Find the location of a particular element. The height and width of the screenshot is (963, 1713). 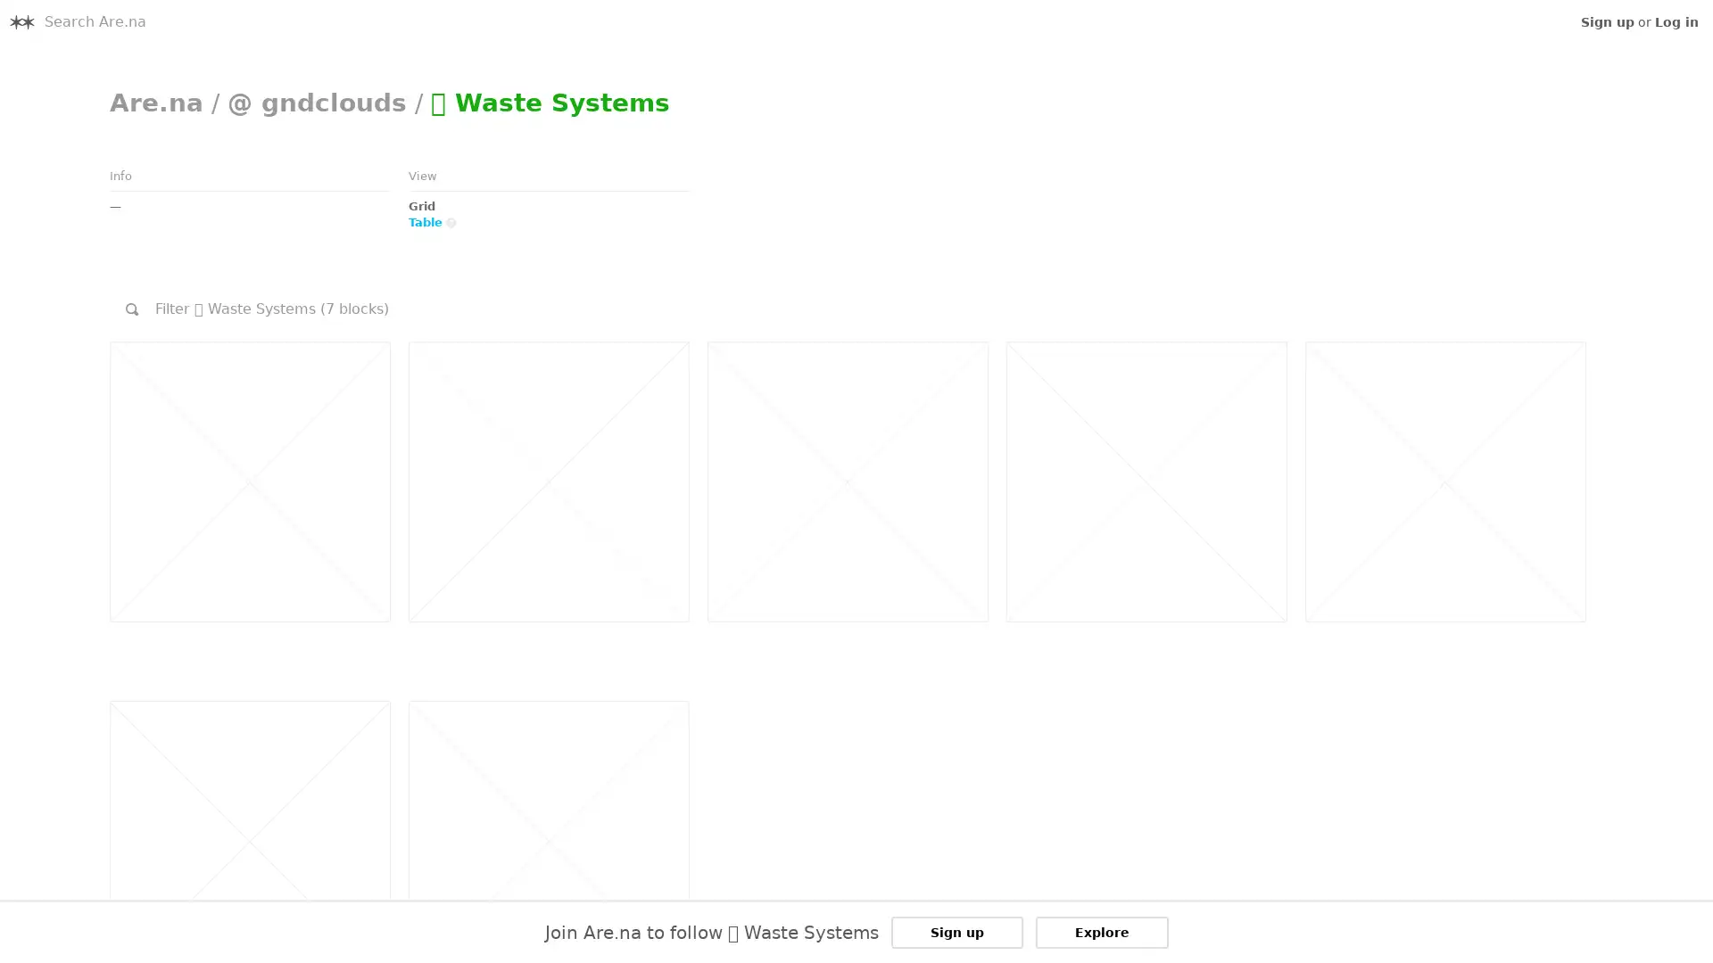

Link to Link: Your Recycling Gets Recycled, Right? Maybe, or Maybe Not is located at coordinates (1146, 481).